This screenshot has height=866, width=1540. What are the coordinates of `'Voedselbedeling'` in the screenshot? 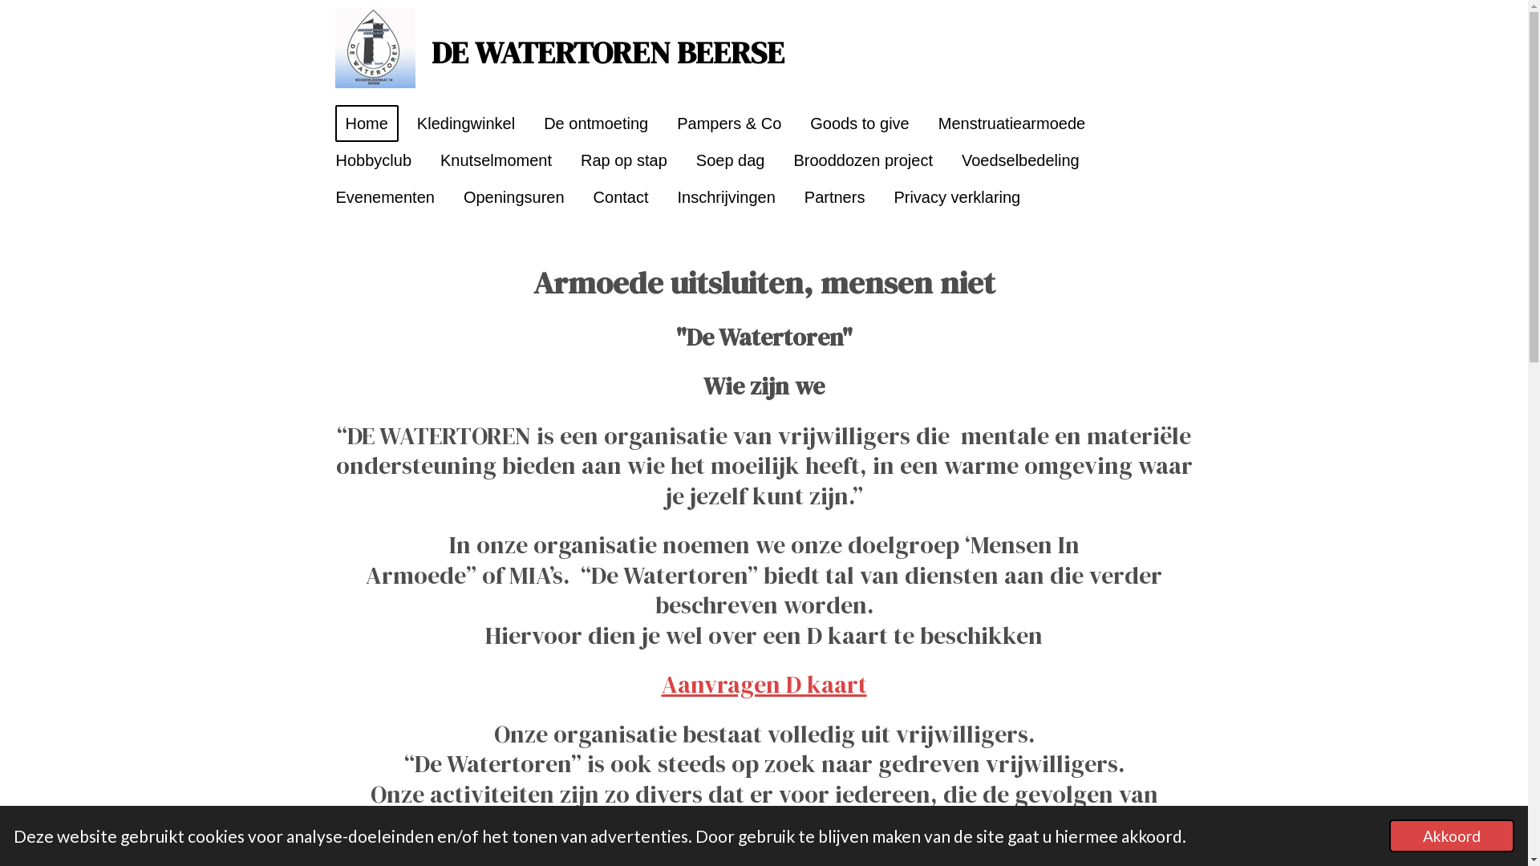 It's located at (1019, 160).